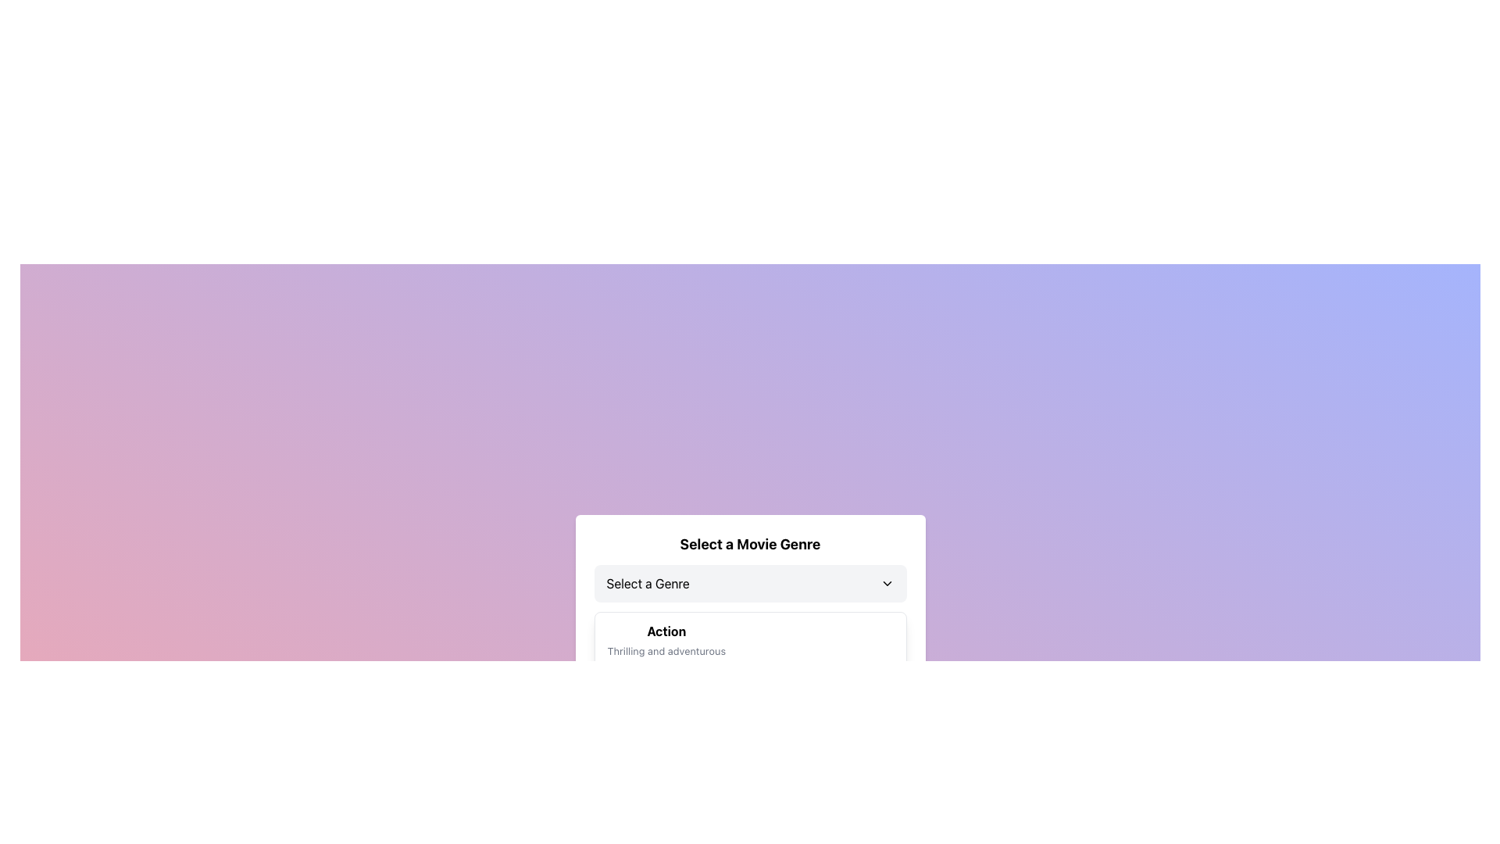 The width and height of the screenshot is (1500, 844). I want to click on the first selectable option in the genre list, labeled 'Action,', so click(750, 641).